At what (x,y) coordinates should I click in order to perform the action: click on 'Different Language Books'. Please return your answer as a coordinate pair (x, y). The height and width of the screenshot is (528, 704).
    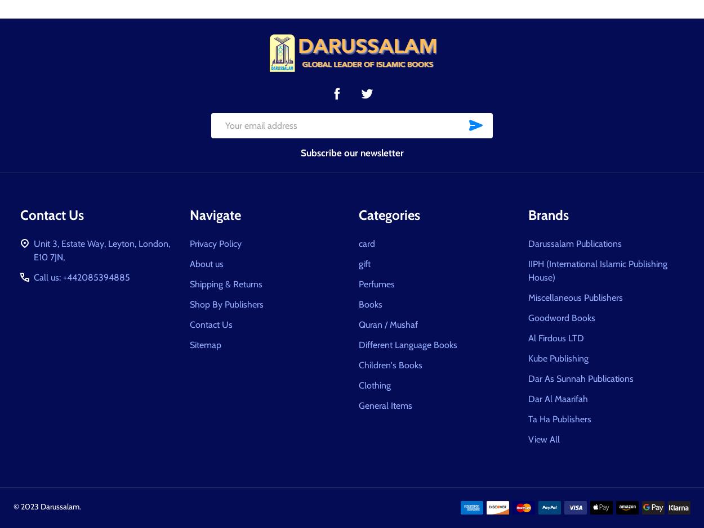
    Looking at the image, I should click on (407, 344).